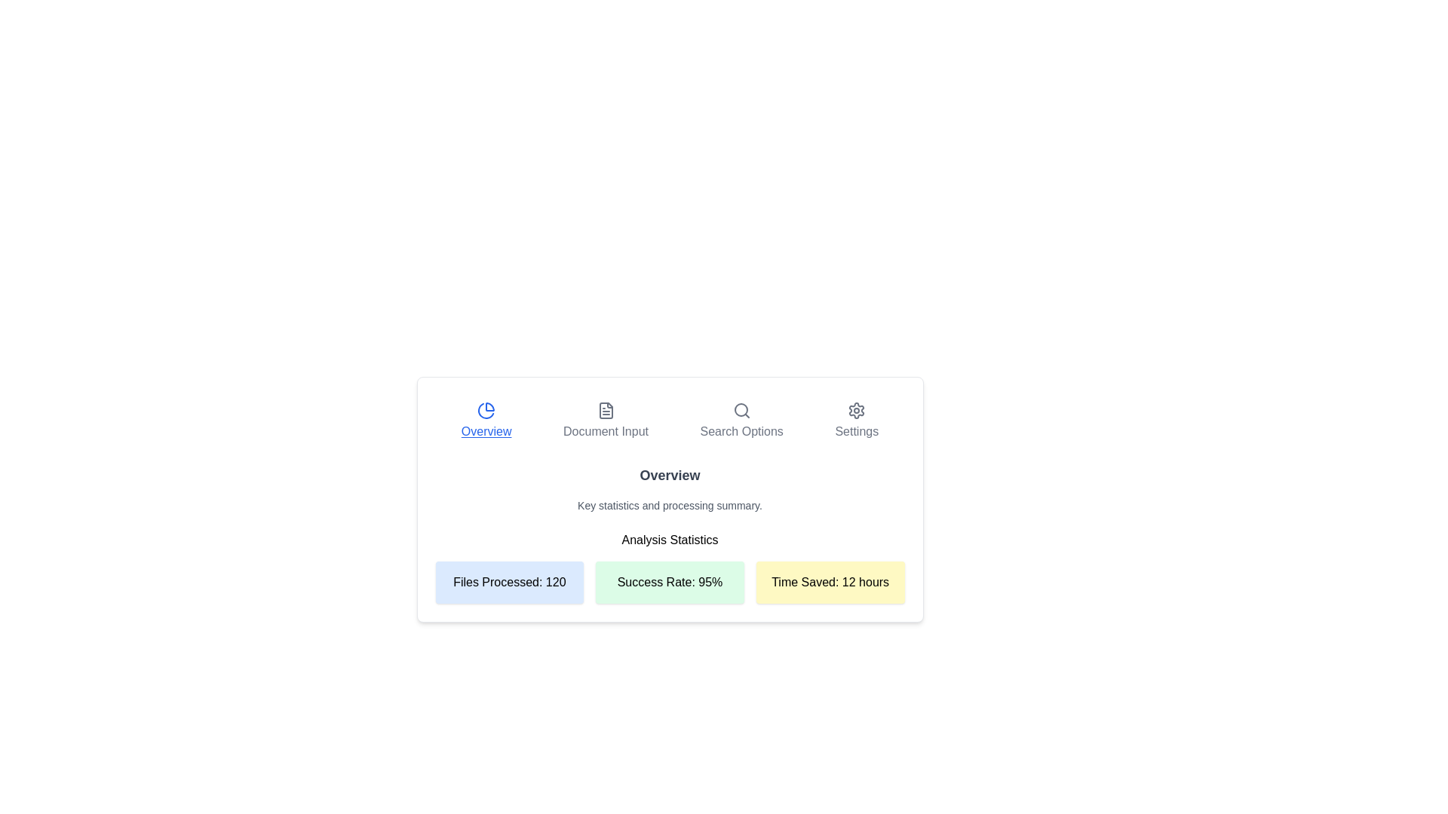 The height and width of the screenshot is (814, 1448). I want to click on the informational display label that shows the success rate percentage (95%) located in the middle card below the 'Analysis Statistics' heading, so click(669, 581).